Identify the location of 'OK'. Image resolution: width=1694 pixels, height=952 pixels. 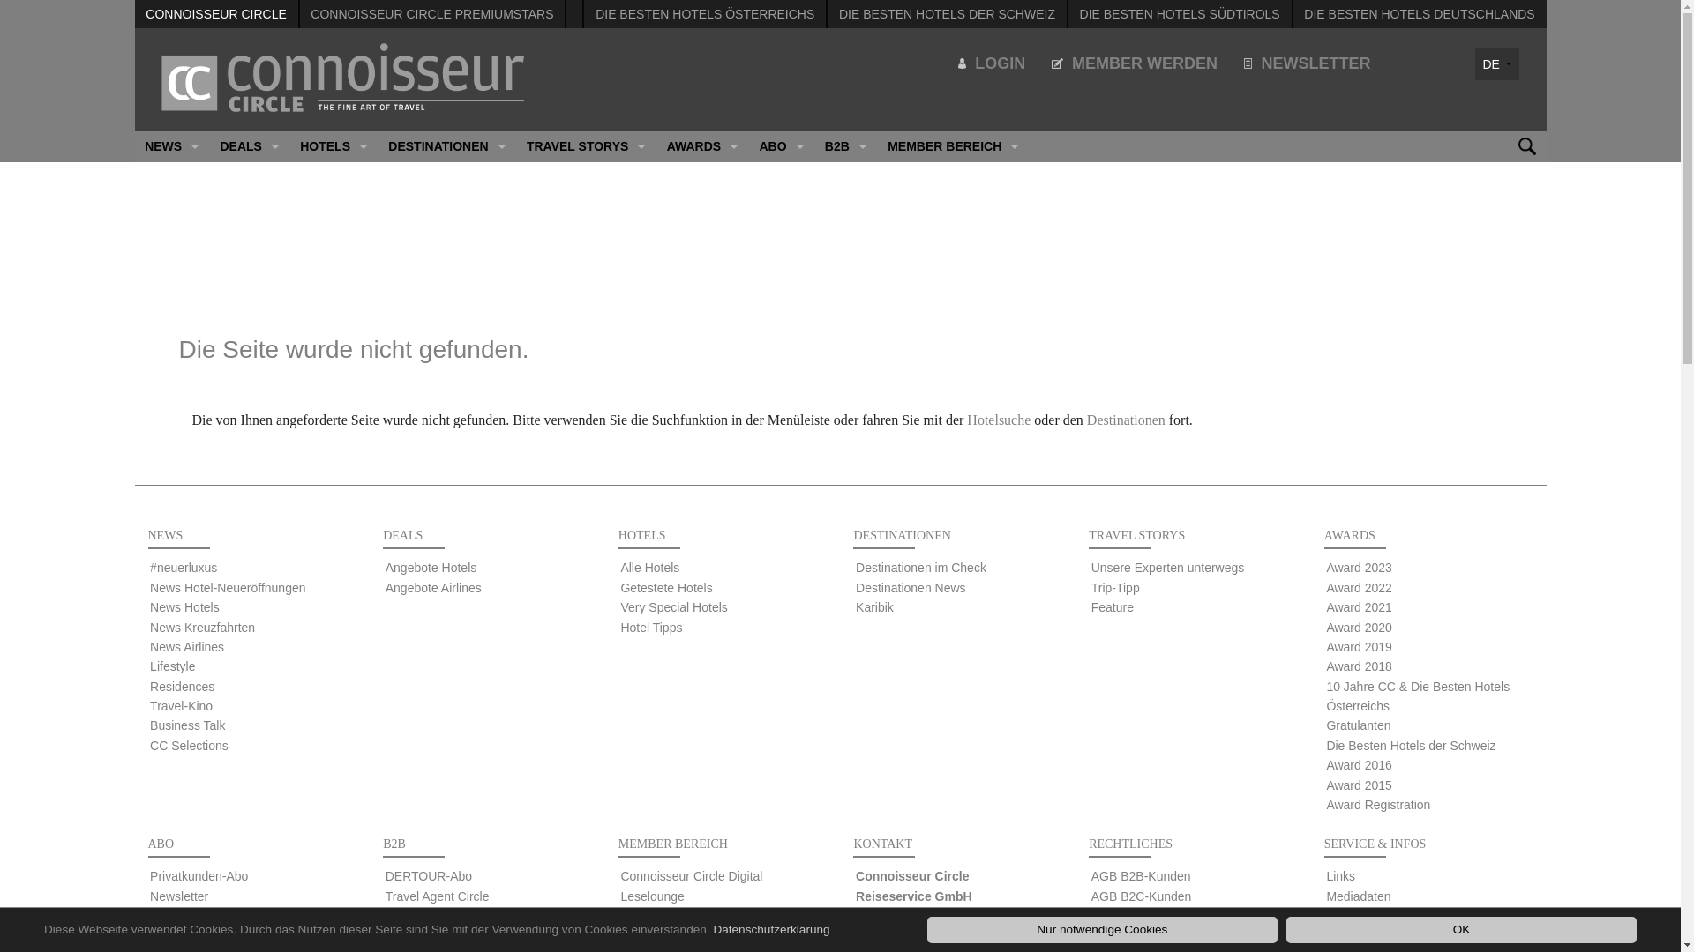
(1461, 929).